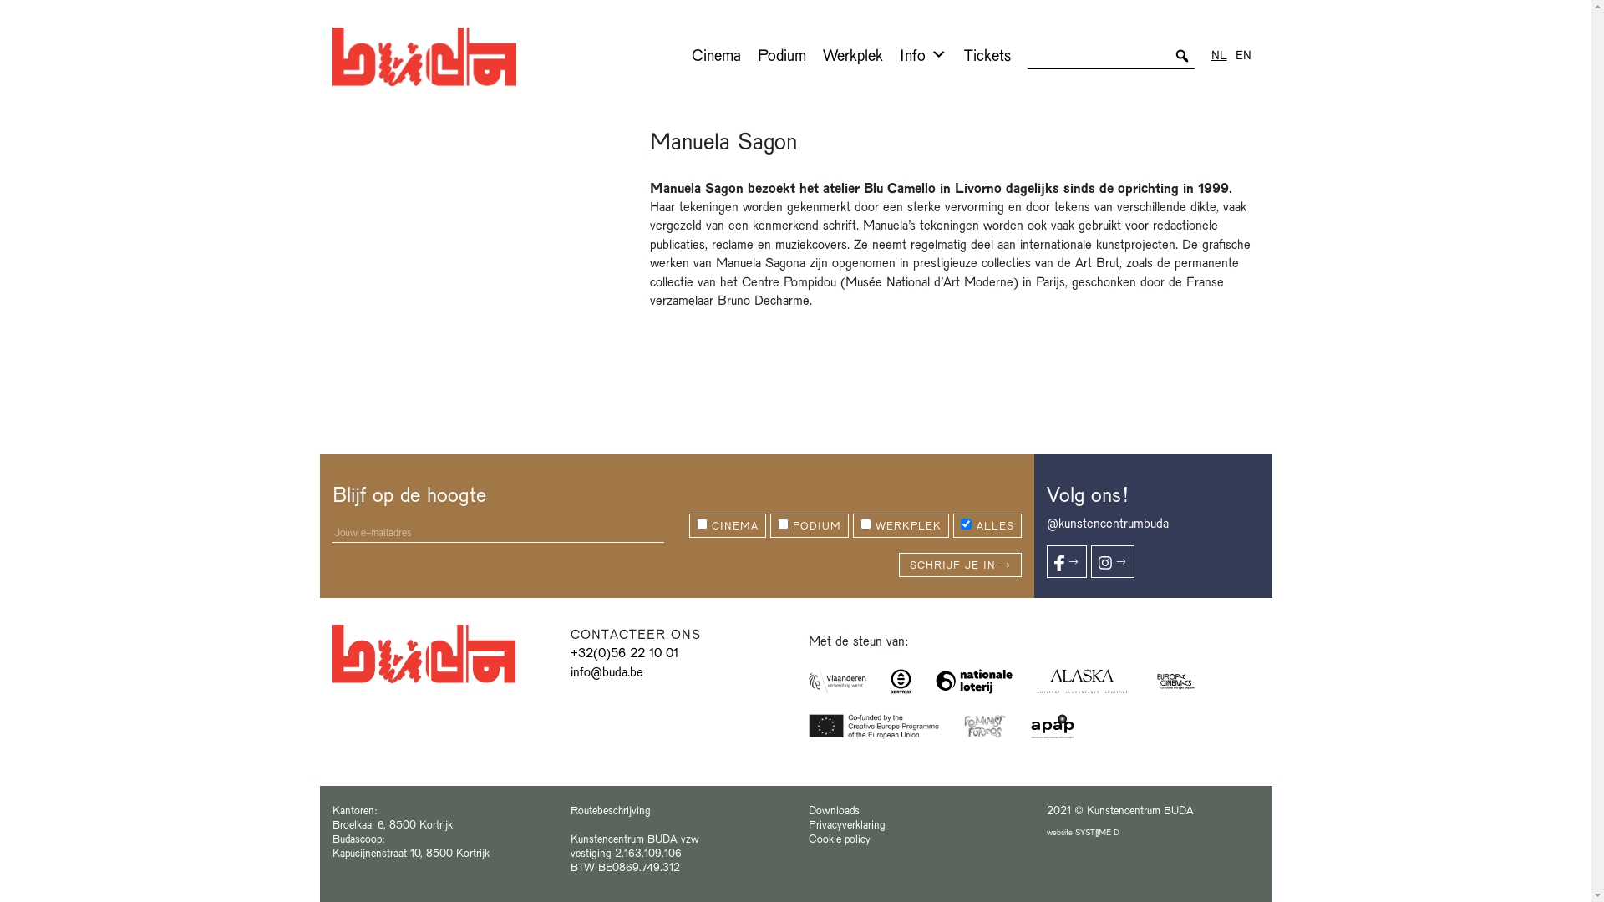 The width and height of the screenshot is (1604, 902). Describe the element at coordinates (834, 808) in the screenshot. I see `'Downloads'` at that location.